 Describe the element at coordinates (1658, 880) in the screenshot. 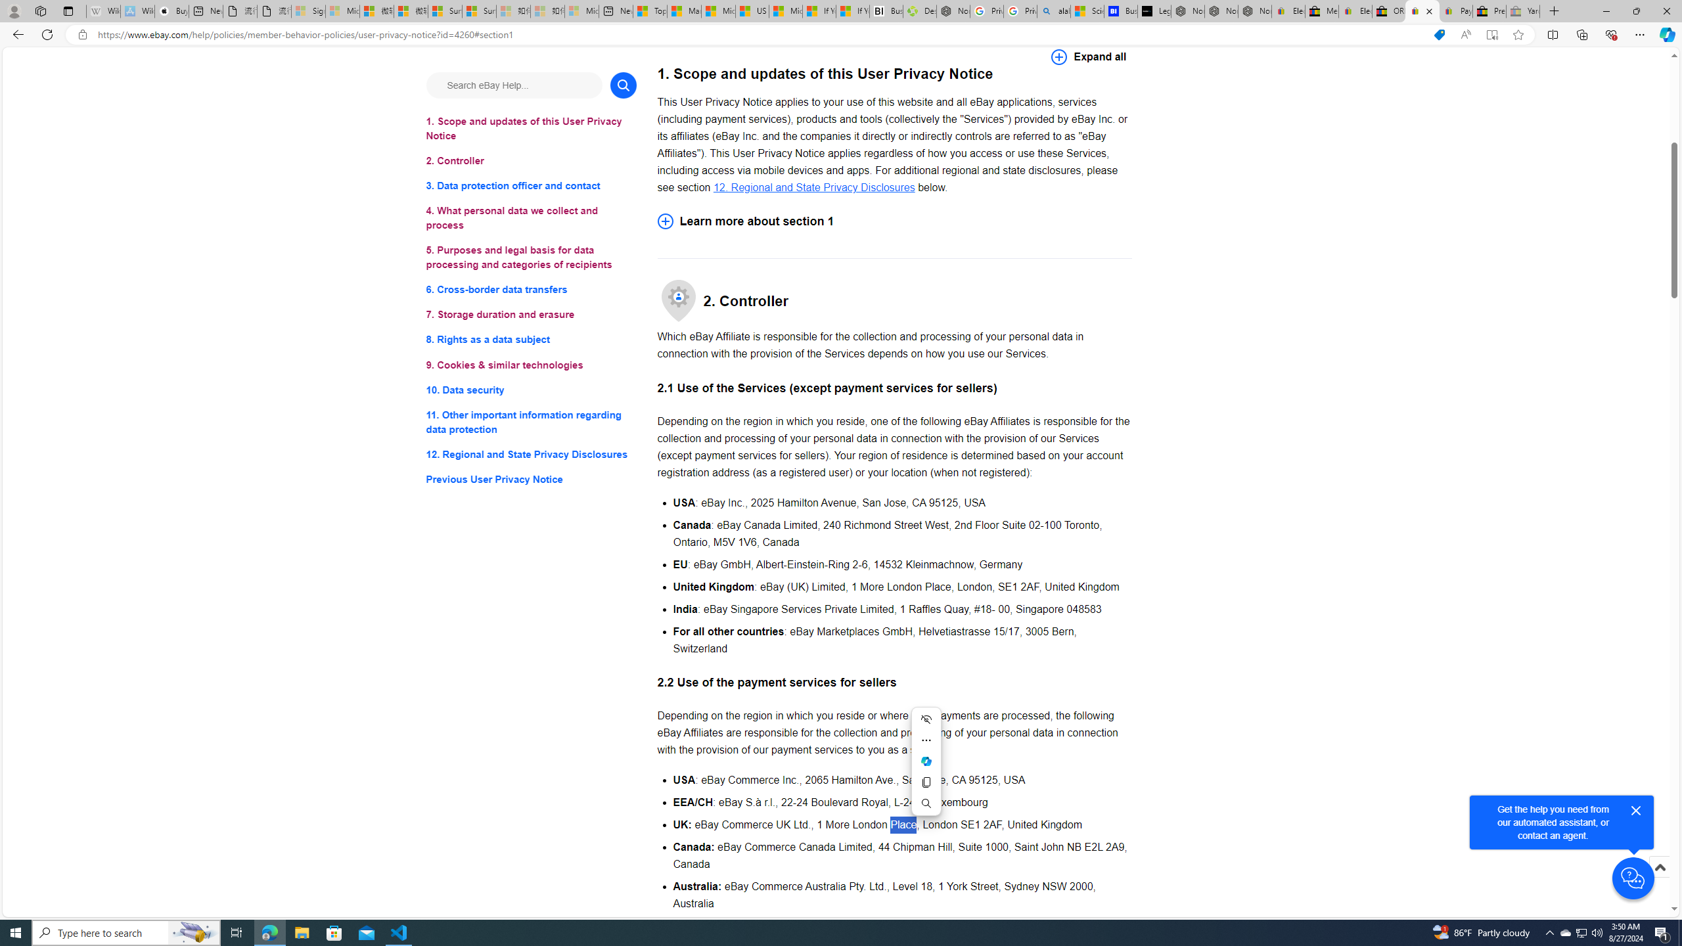

I see `'Scroll to top'` at that location.